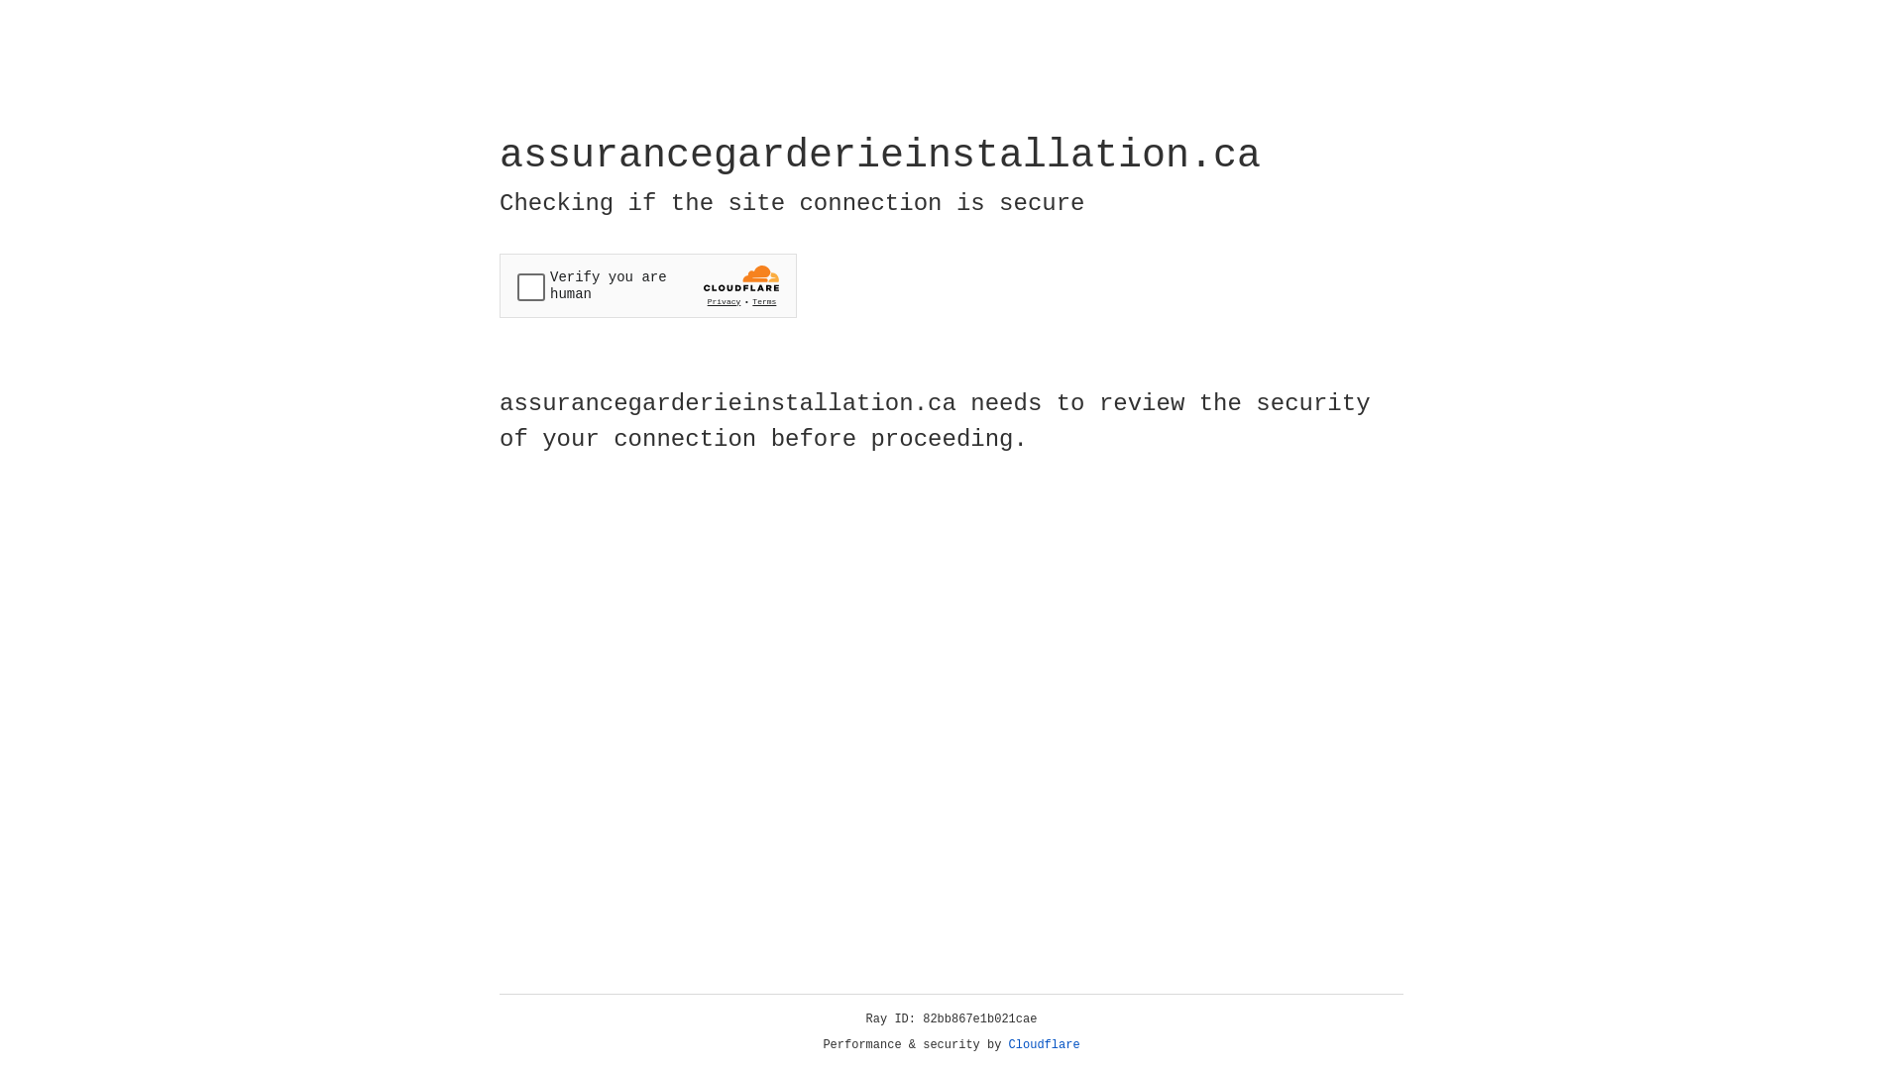 This screenshot has width=1903, height=1070. I want to click on 'Cloudflare', so click(1044, 1044).